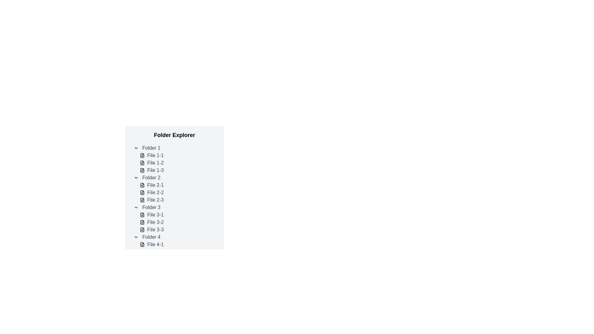  Describe the element at coordinates (155, 163) in the screenshot. I see `the text label representing 'File 1-2' within the collapsible tree structure under 'Folder 1'` at that location.